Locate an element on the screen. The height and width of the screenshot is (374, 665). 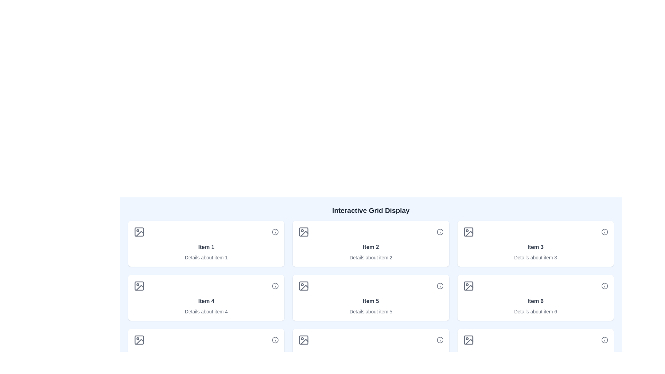
the background rectangle of the icon associated with 'Item 6' located in the lower-right section of the grid layout is located at coordinates (468, 286).